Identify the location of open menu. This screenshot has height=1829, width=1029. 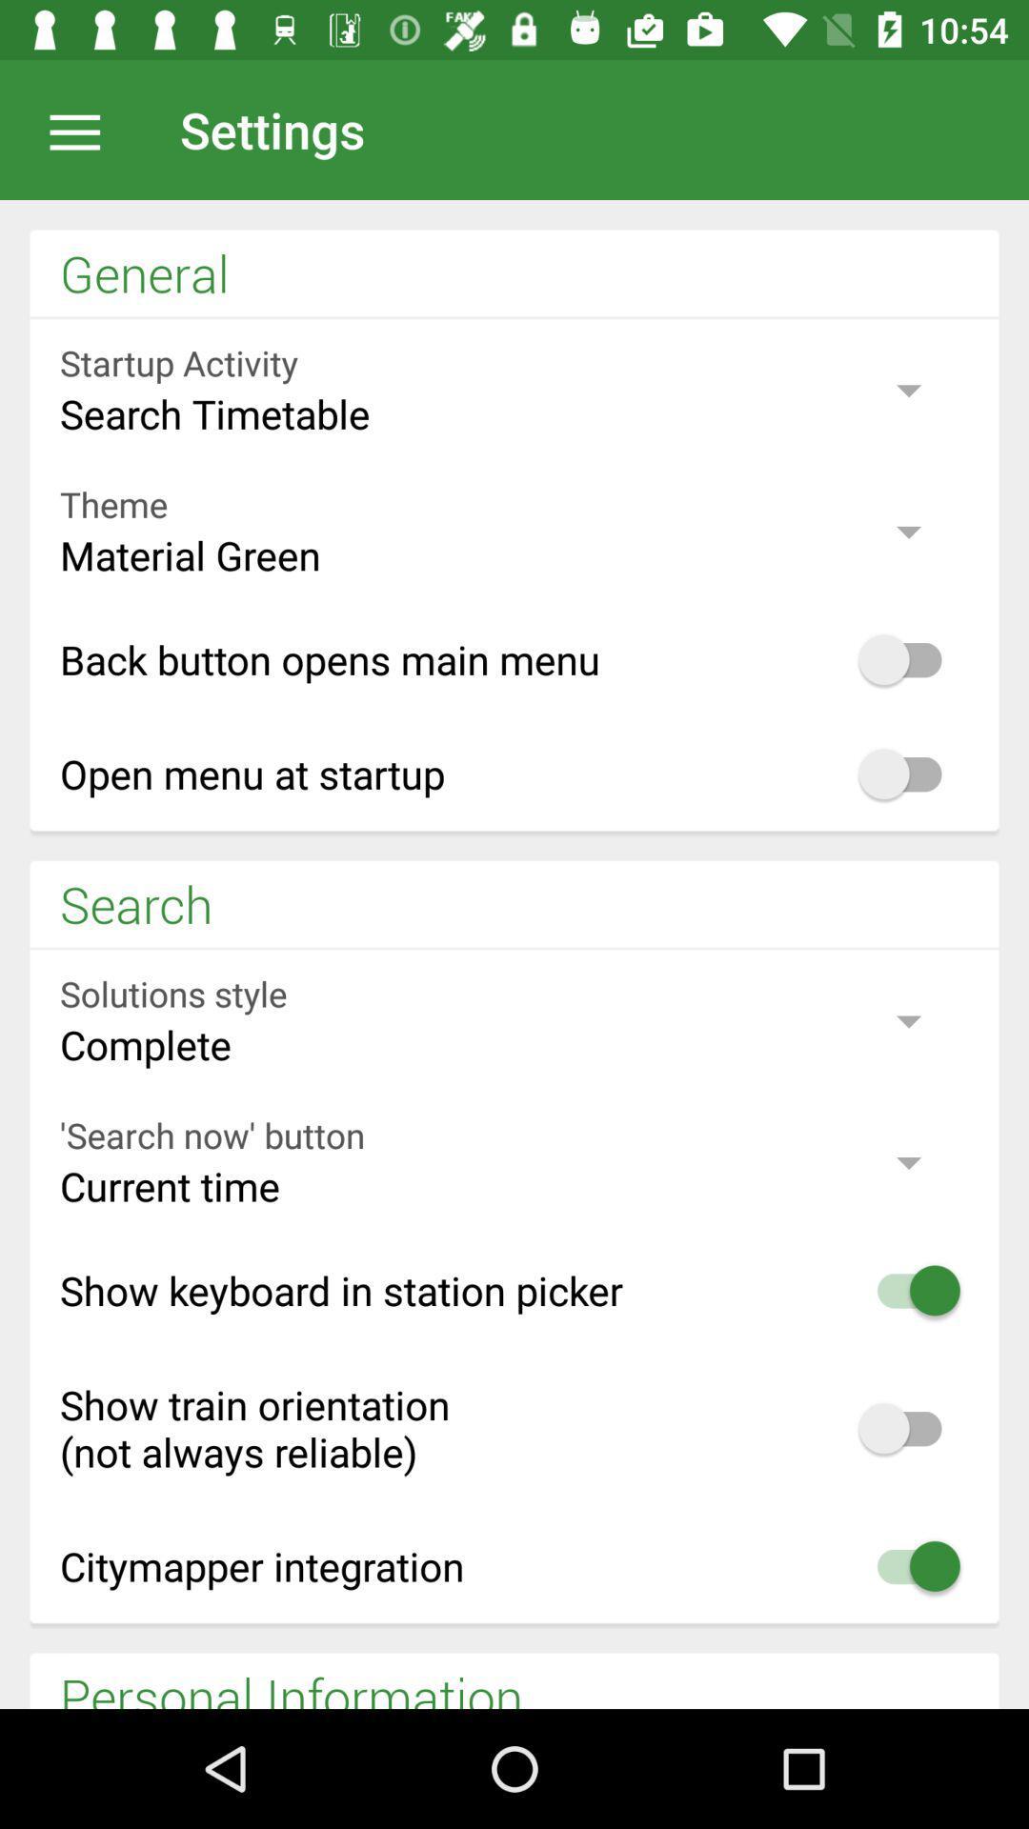
(84, 129).